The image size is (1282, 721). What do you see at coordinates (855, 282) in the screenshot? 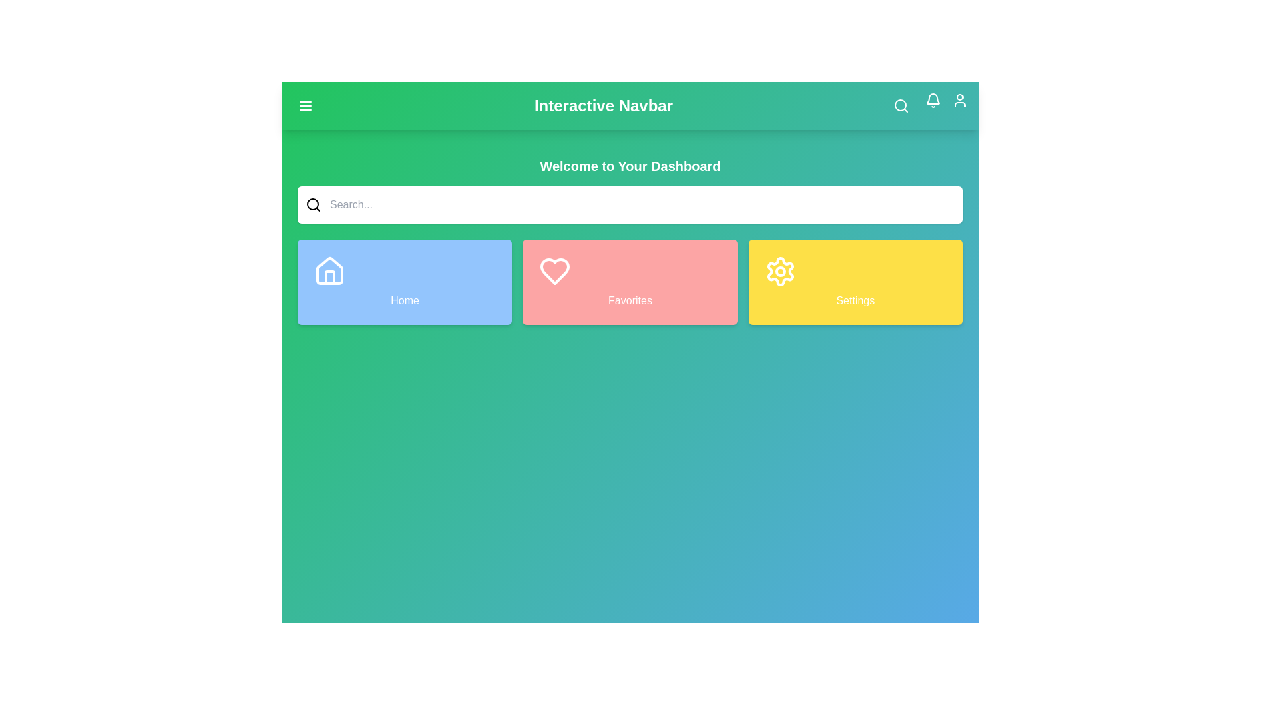
I see `the 'Settings' card to navigate to the settings page` at bounding box center [855, 282].